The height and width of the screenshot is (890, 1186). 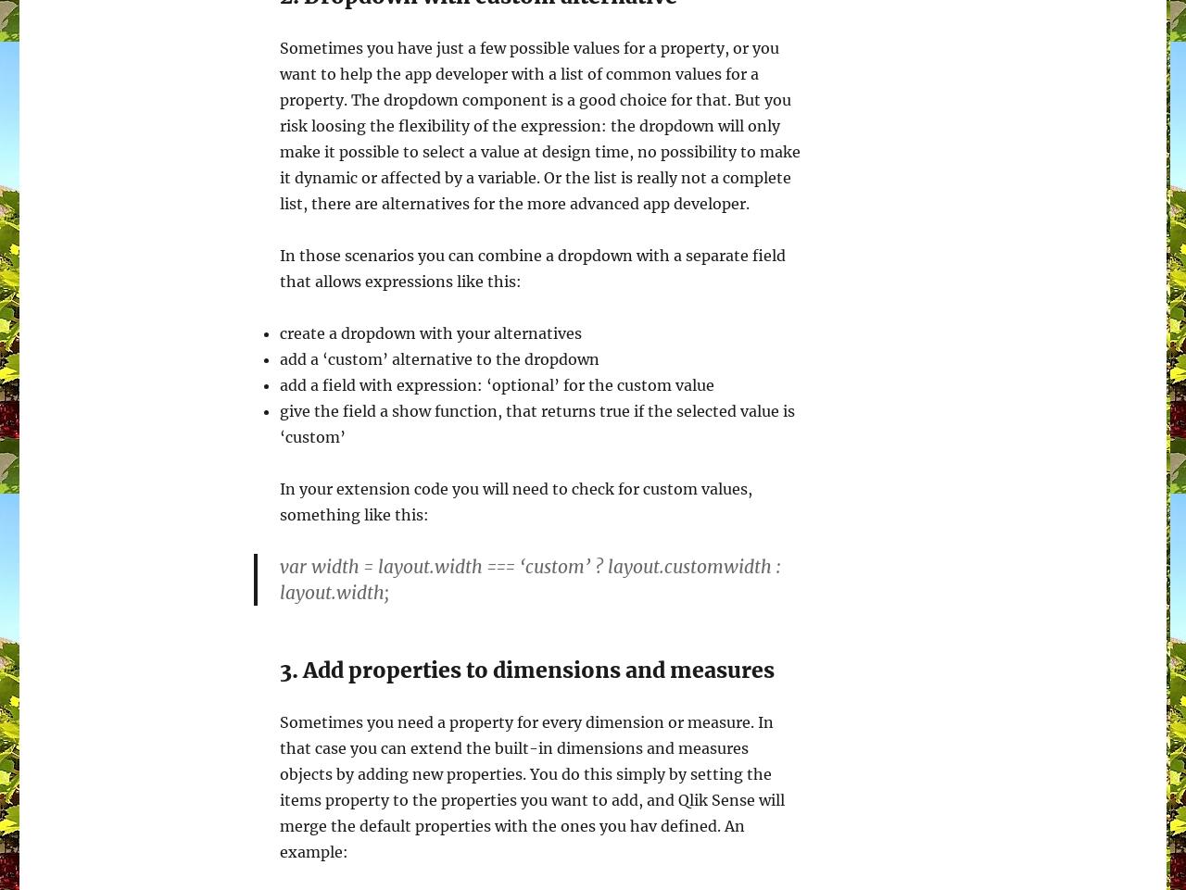 What do you see at coordinates (525, 670) in the screenshot?
I see `'3. Add properties to dimensions and measures'` at bounding box center [525, 670].